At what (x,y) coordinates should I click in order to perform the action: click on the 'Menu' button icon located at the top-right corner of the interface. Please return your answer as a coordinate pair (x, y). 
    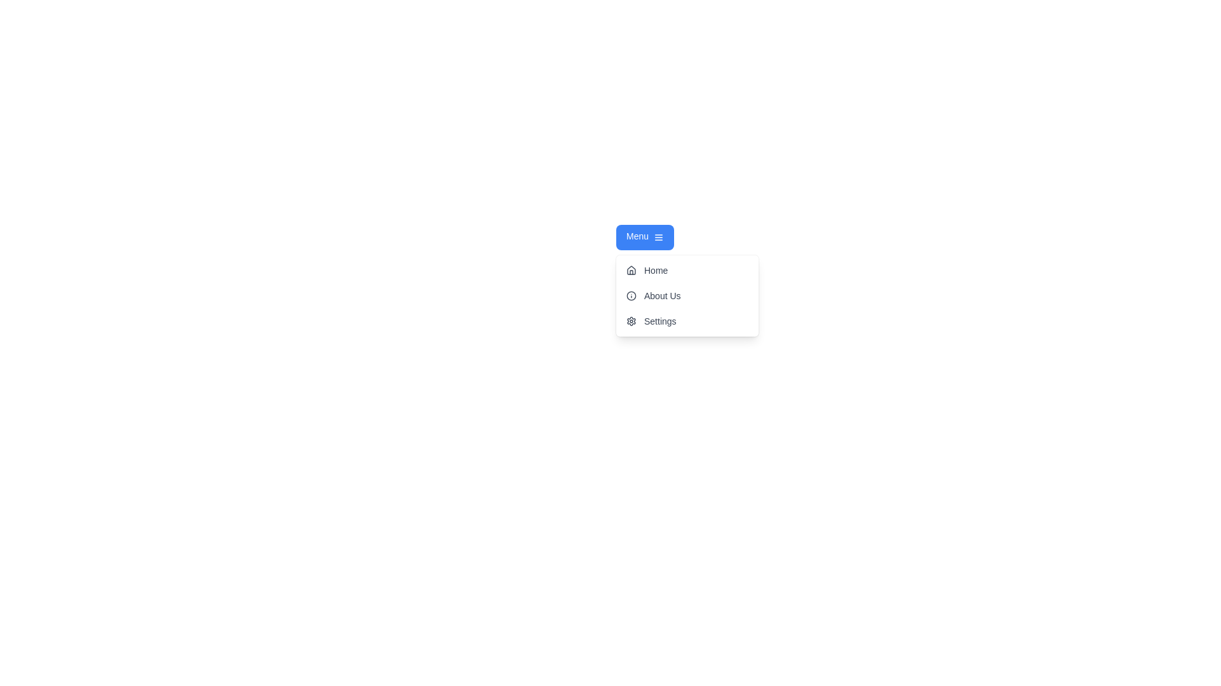
    Looking at the image, I should click on (659, 238).